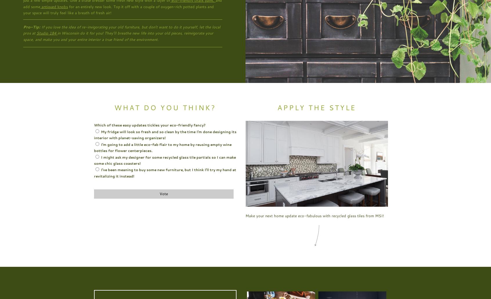  I want to click on 'in Wisconsin do it for you! They’ll breathe new life into your old pieces, reinvigorate your space, and make you and your entire interior a true friend of the environment.', so click(118, 36).